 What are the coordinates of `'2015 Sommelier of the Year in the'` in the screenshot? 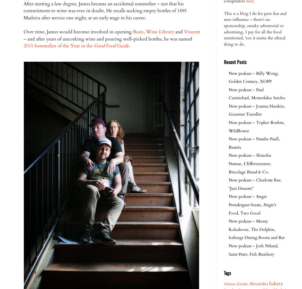 It's located at (59, 46).